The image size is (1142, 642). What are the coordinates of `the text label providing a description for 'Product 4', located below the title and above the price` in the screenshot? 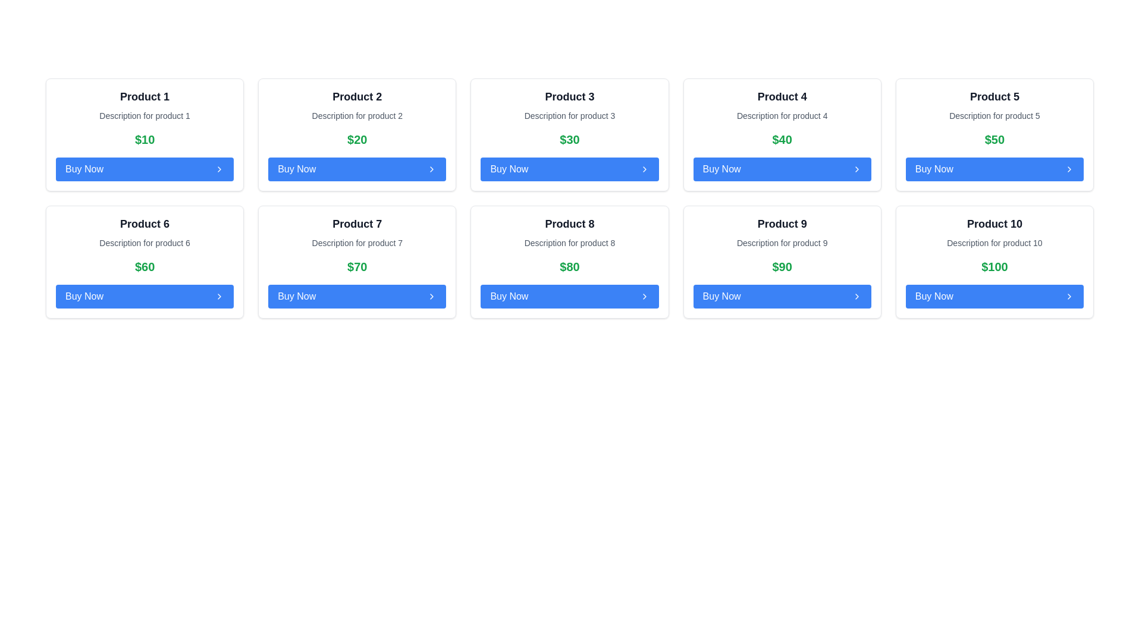 It's located at (782, 116).